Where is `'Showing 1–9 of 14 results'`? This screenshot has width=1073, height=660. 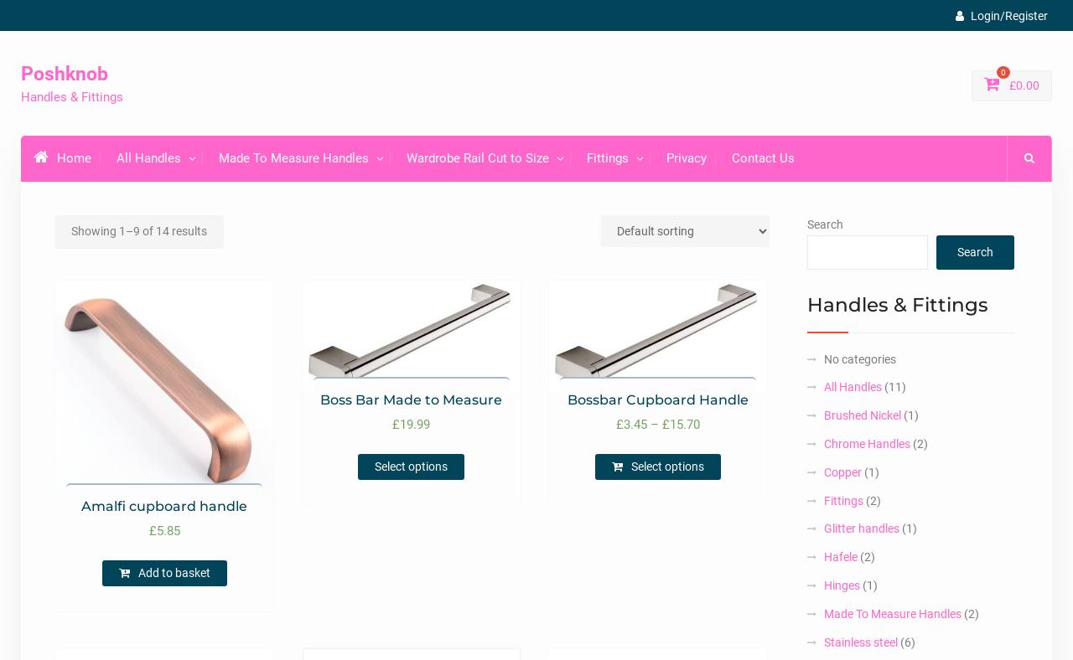 'Showing 1–9 of 14 results' is located at coordinates (139, 230).